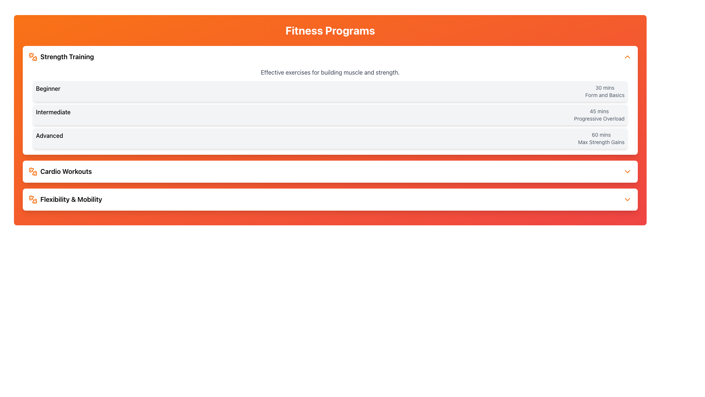 This screenshot has width=705, height=397. Describe the element at coordinates (53, 115) in the screenshot. I see `the informational label indicating the intermediate level within the 'Strength Training' section, which is the second item in the list between 'Beginner' and 'Advanced'` at that location.